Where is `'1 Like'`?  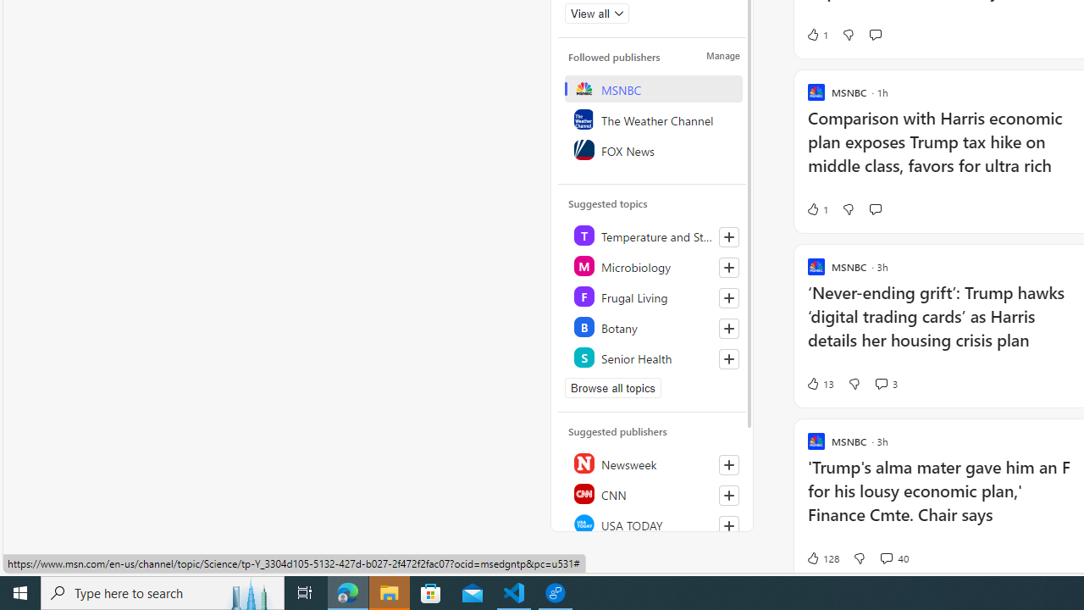
'1 Like' is located at coordinates (816, 208).